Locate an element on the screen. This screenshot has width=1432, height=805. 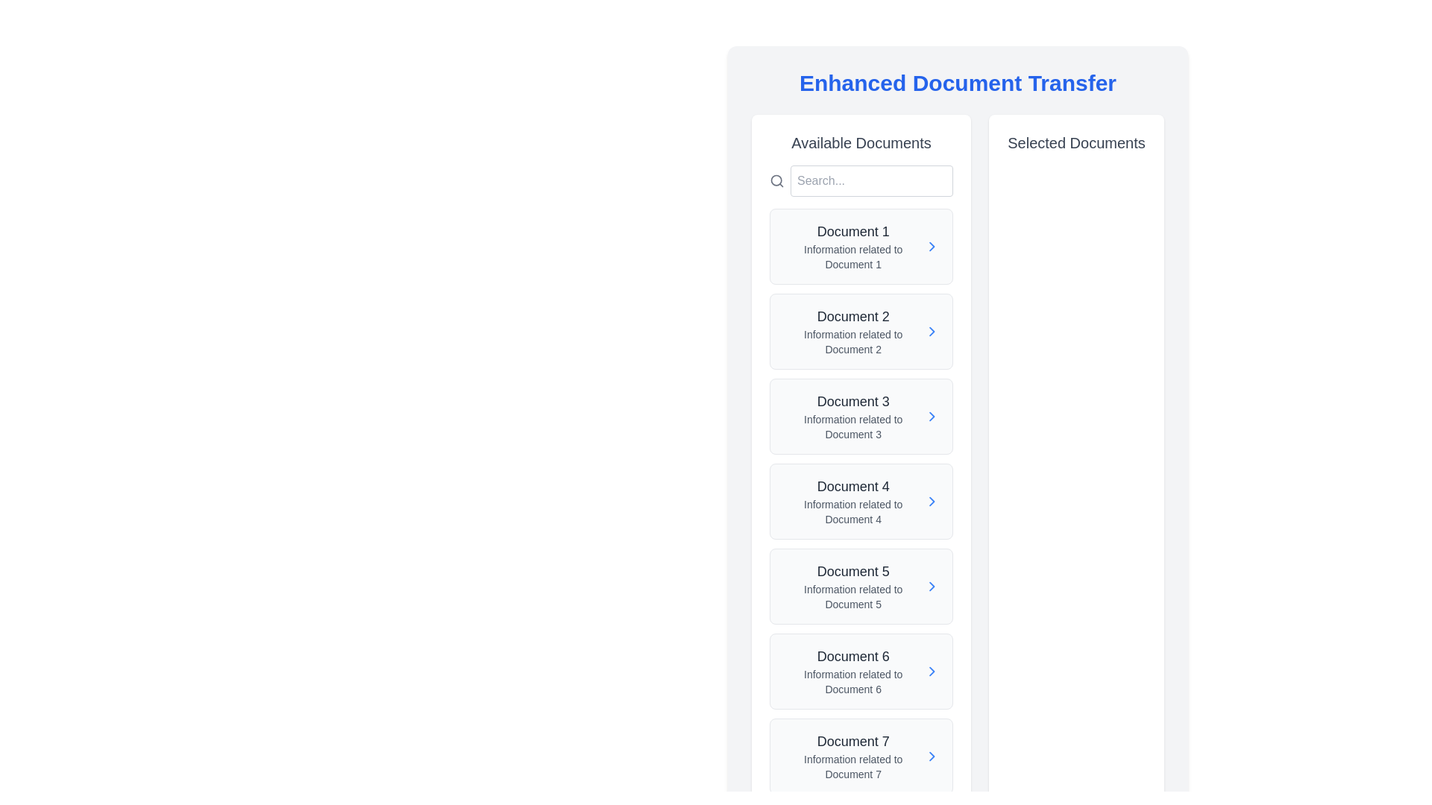
the rightward pointing navigation arrow icon next to 'Document 5' in the 'Available Documents' column is located at coordinates (931, 585).